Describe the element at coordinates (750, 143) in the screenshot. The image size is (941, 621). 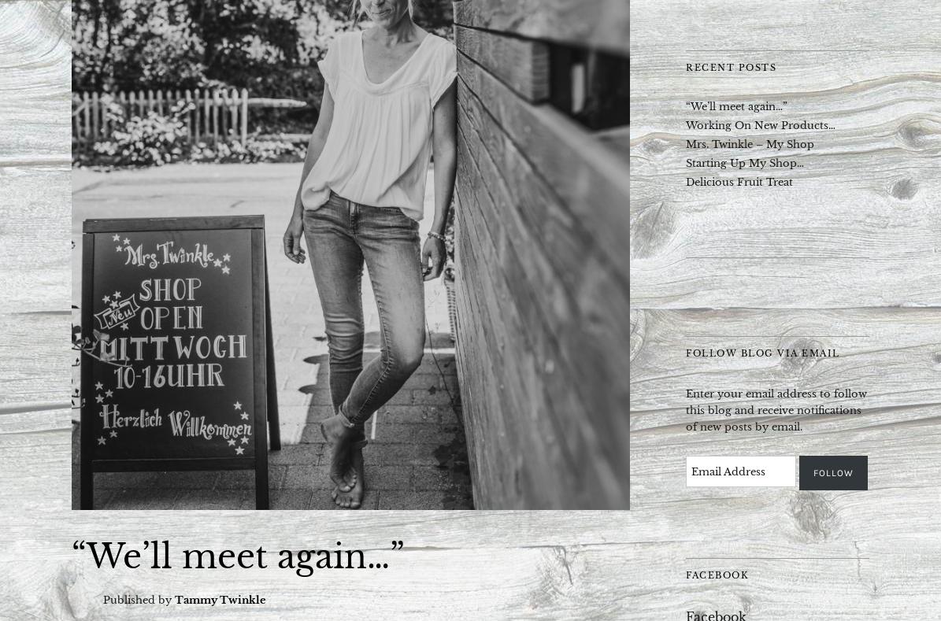
I see `'Mrs. Twinkle – My Shop'` at that location.